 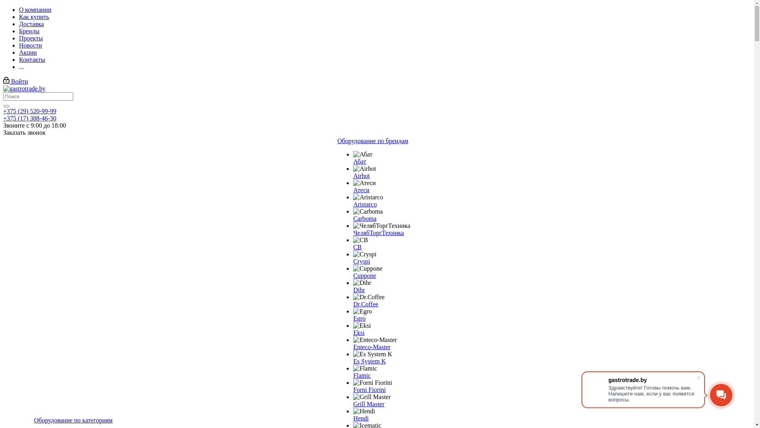 What do you see at coordinates (364, 368) in the screenshot?
I see `'Flamic'` at bounding box center [364, 368].